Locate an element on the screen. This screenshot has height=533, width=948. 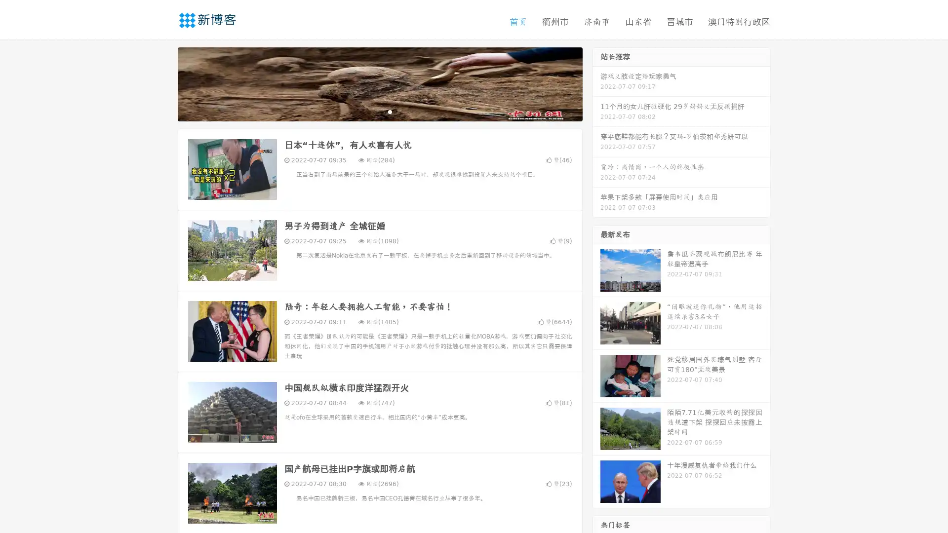
Go to slide 1 is located at coordinates (369, 111).